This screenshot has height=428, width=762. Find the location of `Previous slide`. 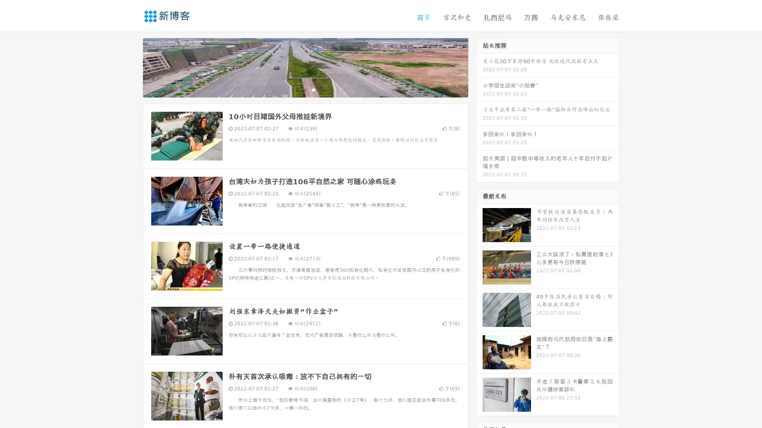

Previous slide is located at coordinates (131, 67).